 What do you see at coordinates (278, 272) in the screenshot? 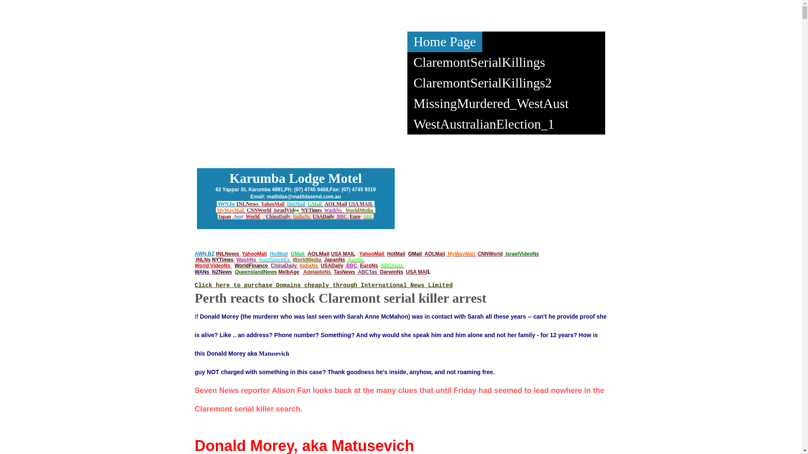
I see `'MelbAge'` at bounding box center [278, 272].